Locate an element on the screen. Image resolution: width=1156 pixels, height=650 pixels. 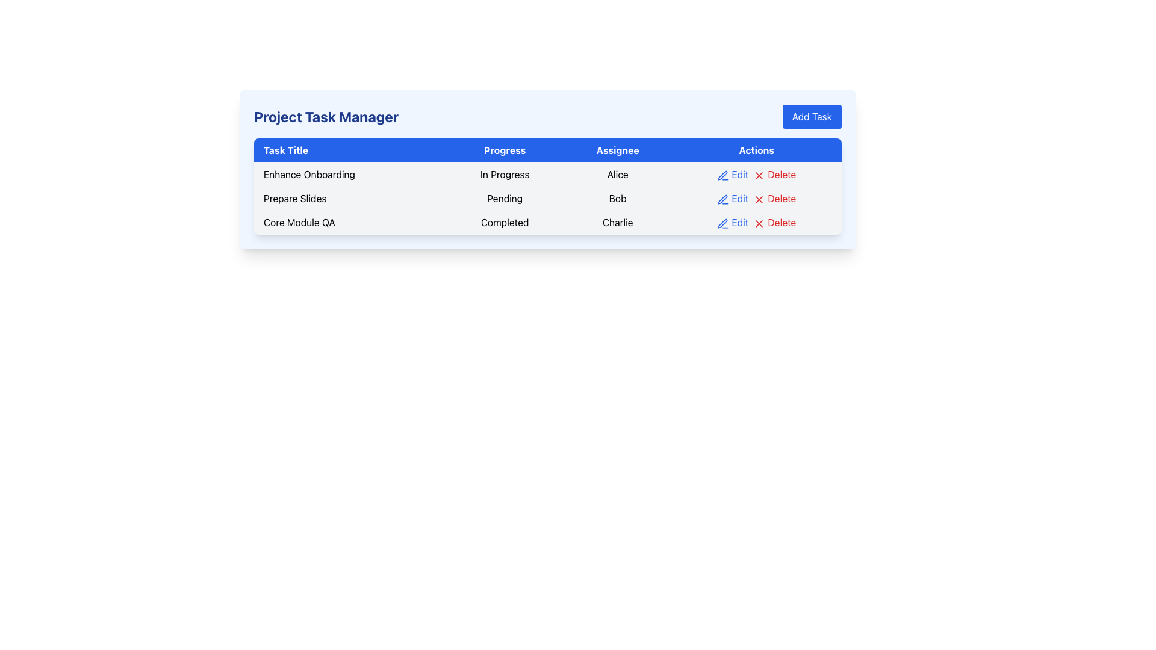
the text label element containing the string 'Bob' in the 'Assignee' column of the task management interface is located at coordinates (618, 198).